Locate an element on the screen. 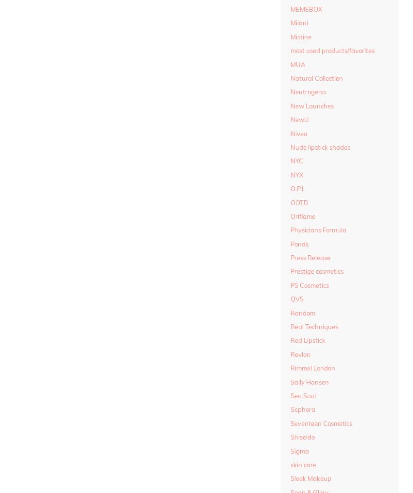 This screenshot has height=493, width=413. 'Physicians Formula' is located at coordinates (290, 230).